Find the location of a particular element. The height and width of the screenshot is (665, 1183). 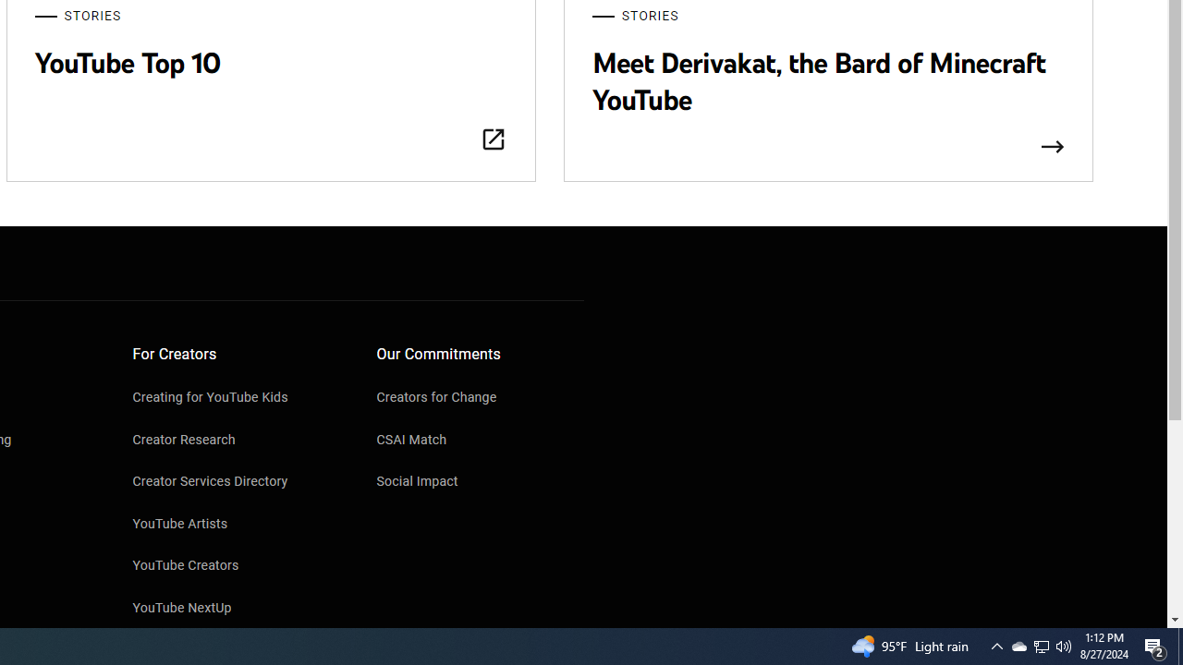

'CSAI Match' is located at coordinates (480, 441).